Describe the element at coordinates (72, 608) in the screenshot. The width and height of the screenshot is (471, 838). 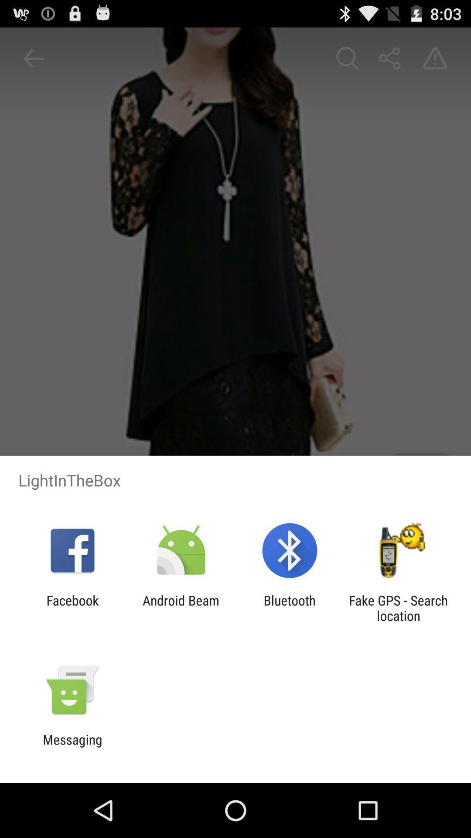
I see `the facebook item` at that location.